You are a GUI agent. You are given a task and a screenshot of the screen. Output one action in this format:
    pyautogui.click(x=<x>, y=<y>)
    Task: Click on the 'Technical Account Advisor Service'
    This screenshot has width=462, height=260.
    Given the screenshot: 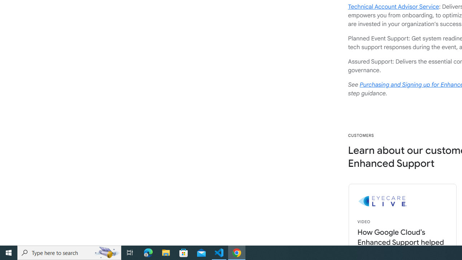 What is the action you would take?
    pyautogui.click(x=393, y=6)
    